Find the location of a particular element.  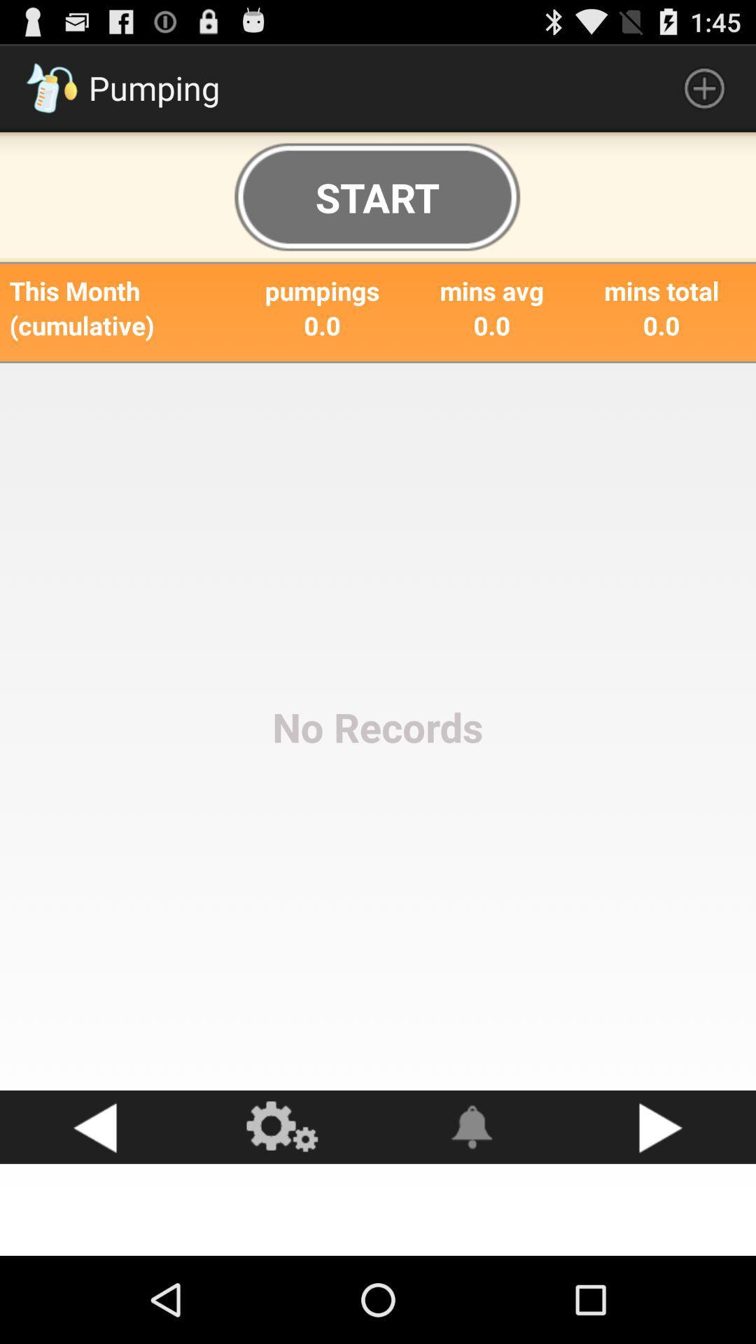

the item at the bottom right corner is located at coordinates (661, 1127).